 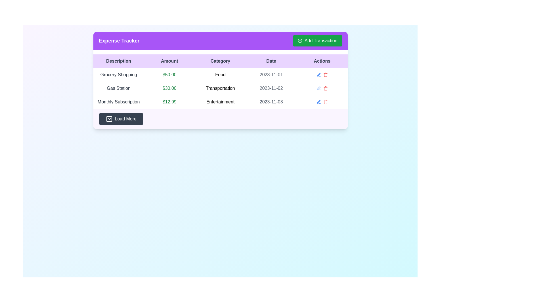 I want to click on the background frame of the dropdown icon within the 'Load More' button located at the bottom of the expenses table, so click(x=109, y=119).